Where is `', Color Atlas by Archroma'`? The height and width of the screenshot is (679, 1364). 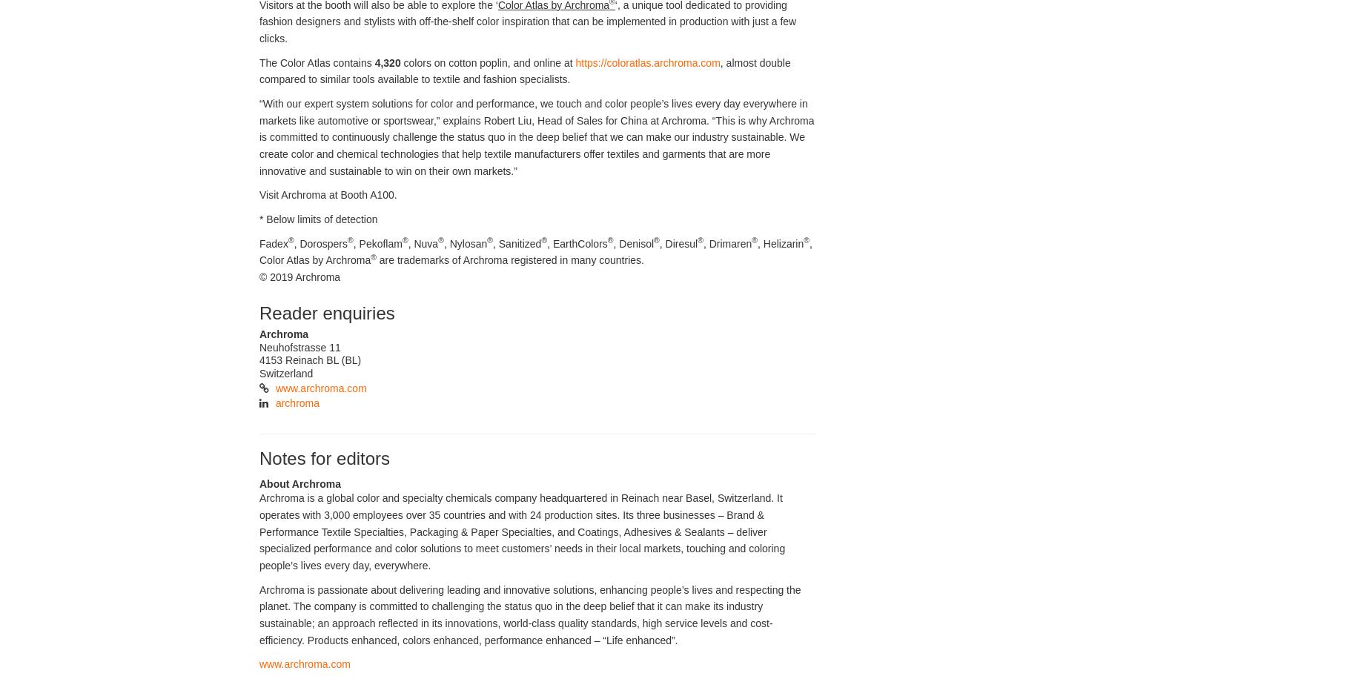
', Color Atlas by Archroma' is located at coordinates (535, 251).